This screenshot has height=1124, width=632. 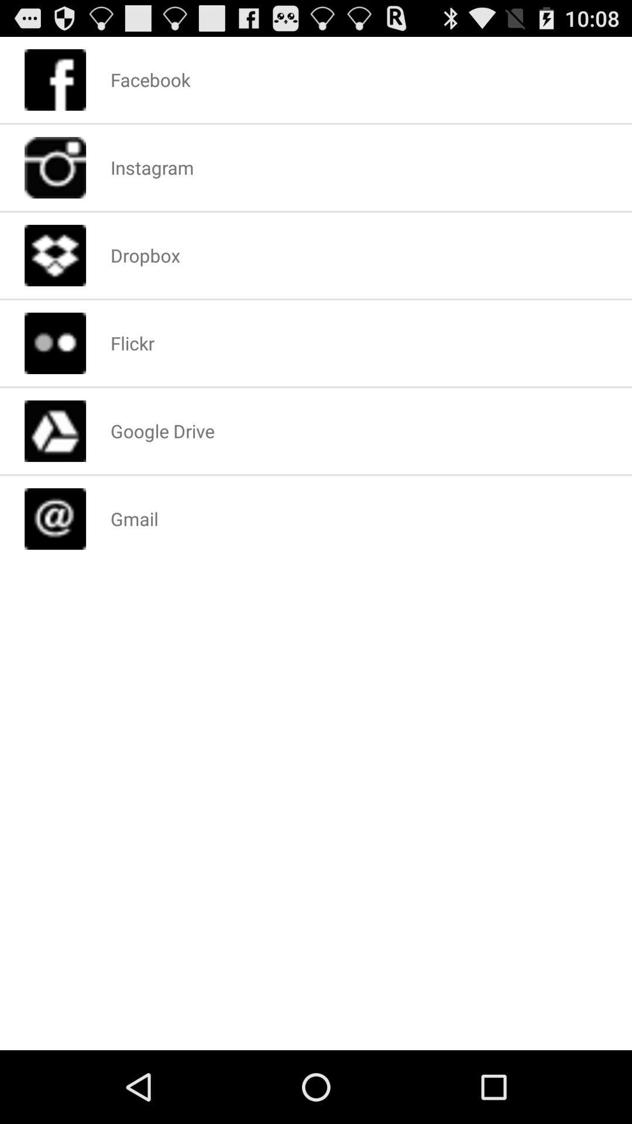 What do you see at coordinates (132, 342) in the screenshot?
I see `the app above google drive` at bounding box center [132, 342].